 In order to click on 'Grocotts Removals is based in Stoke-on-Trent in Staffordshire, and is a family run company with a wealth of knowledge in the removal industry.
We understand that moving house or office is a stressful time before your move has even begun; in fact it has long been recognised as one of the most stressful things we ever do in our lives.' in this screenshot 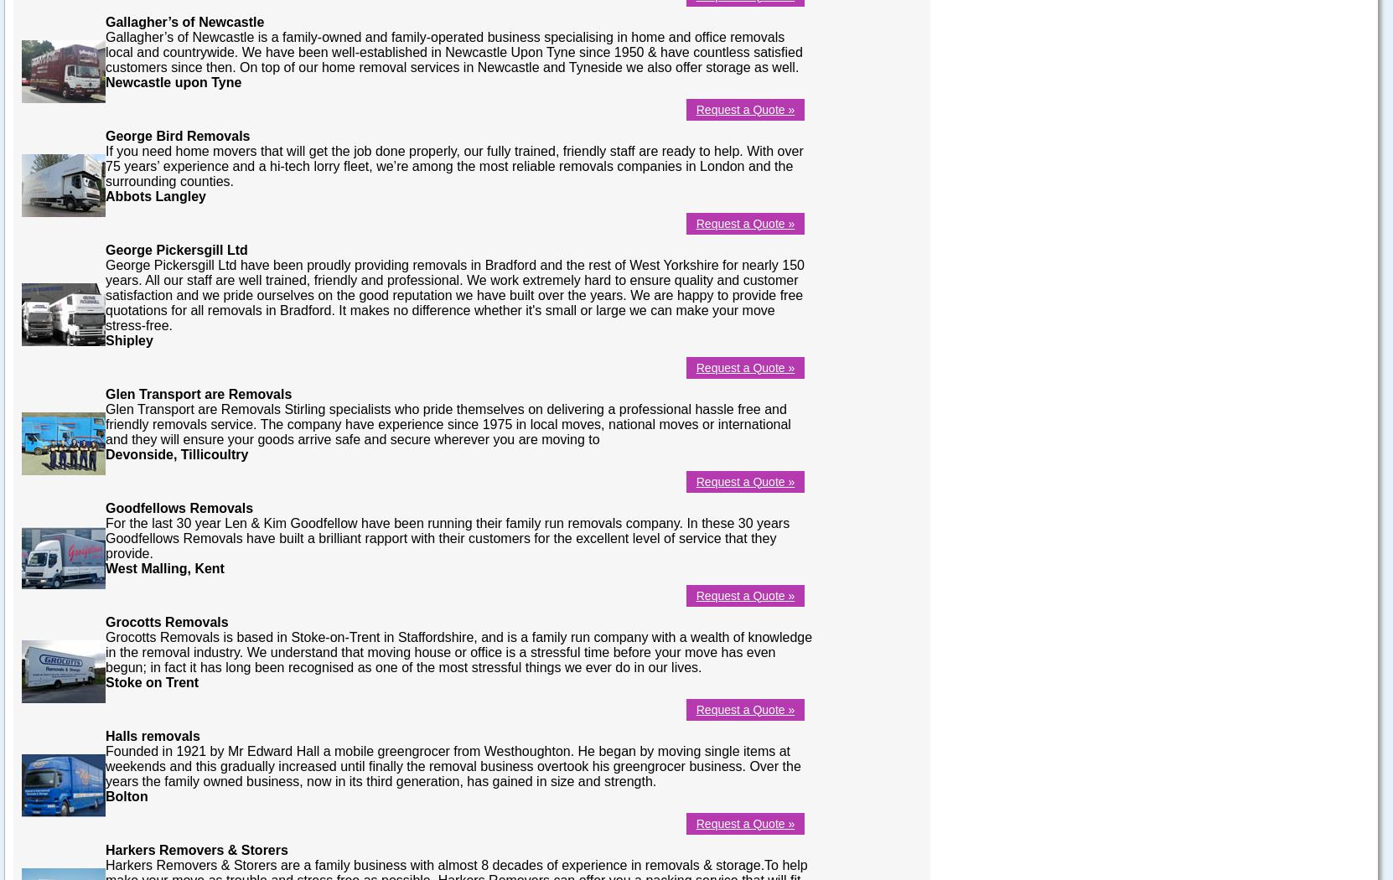, I will do `click(458, 651)`.